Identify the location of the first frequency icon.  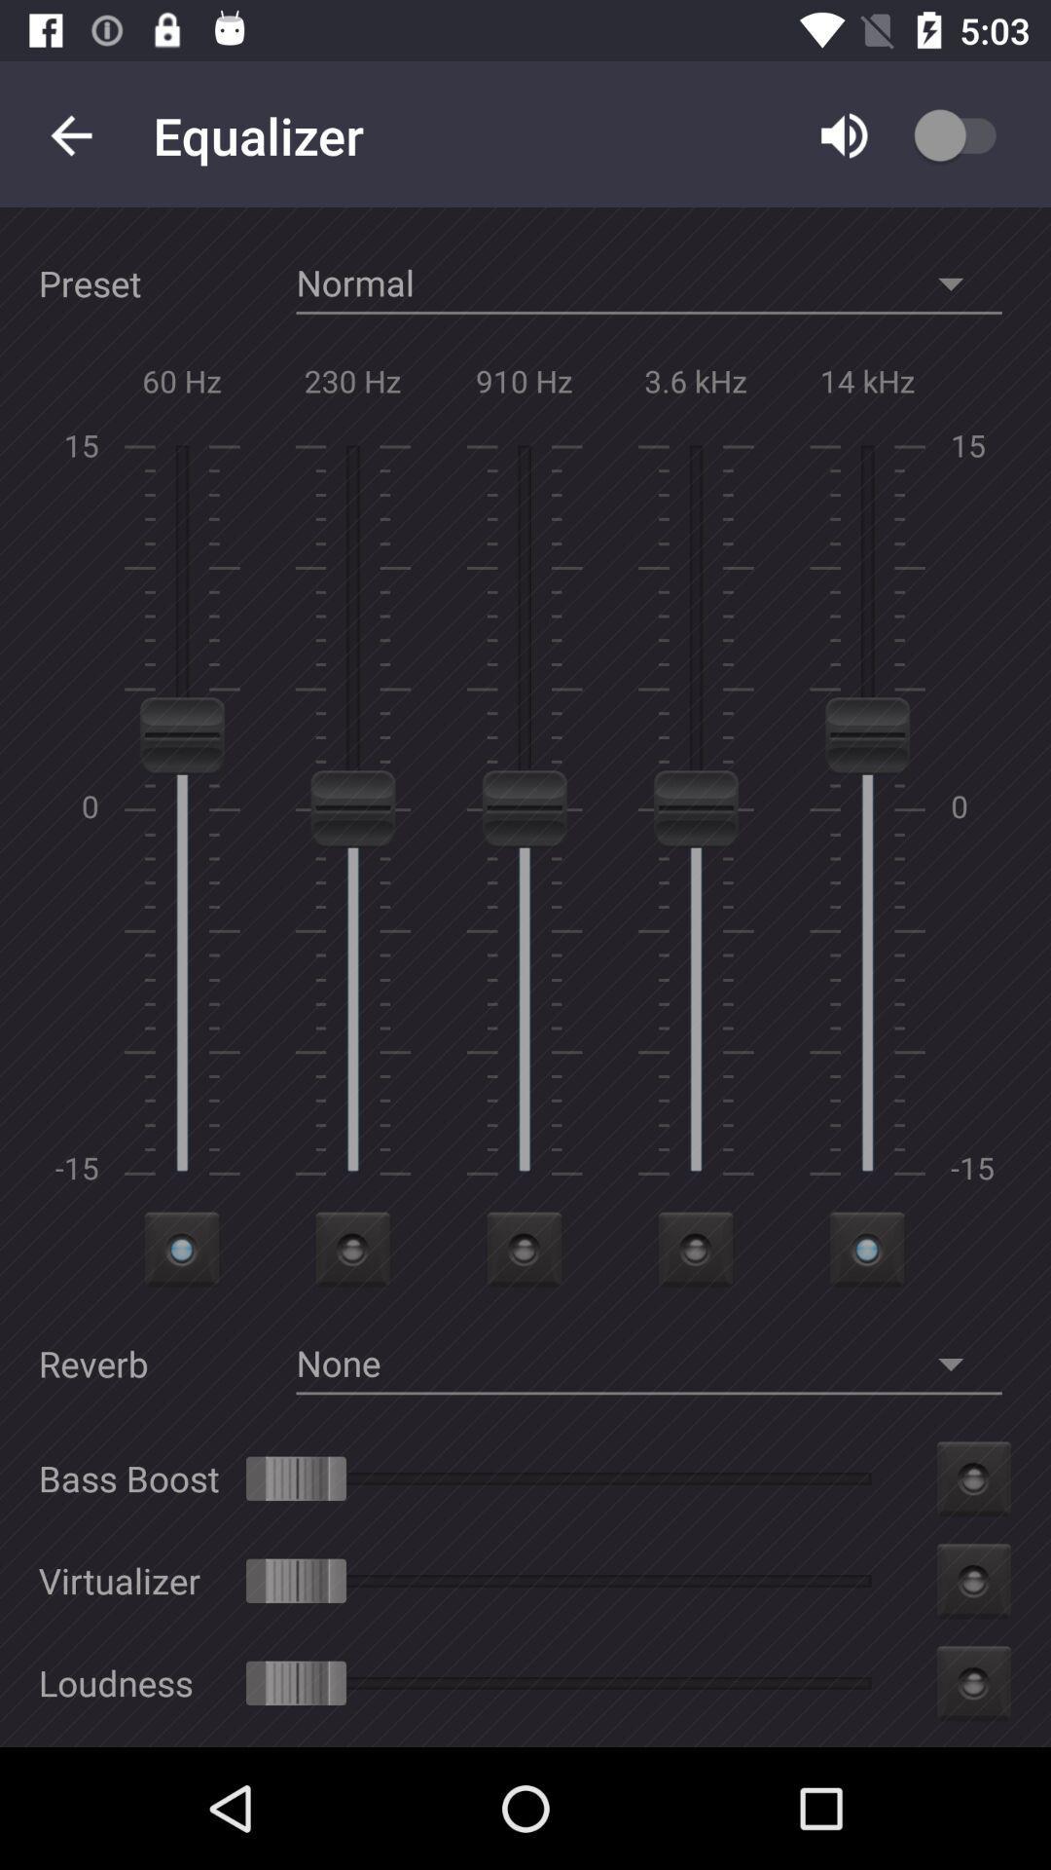
(182, 1249).